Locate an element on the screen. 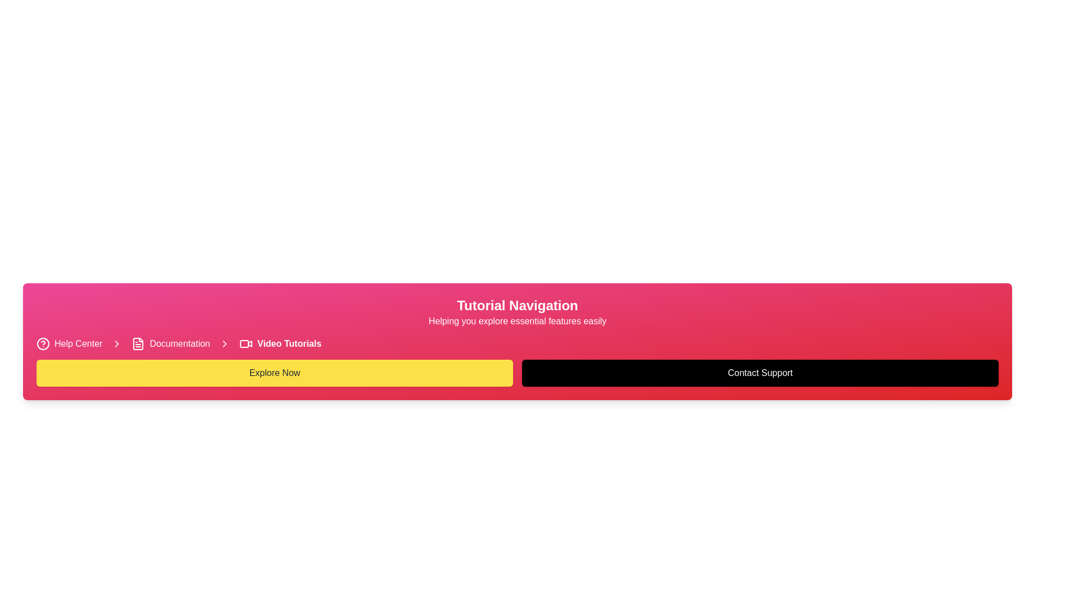  the 'Documentation' icon in the breadcrumb navigation bar, which is the second icon from the left is located at coordinates (138, 343).